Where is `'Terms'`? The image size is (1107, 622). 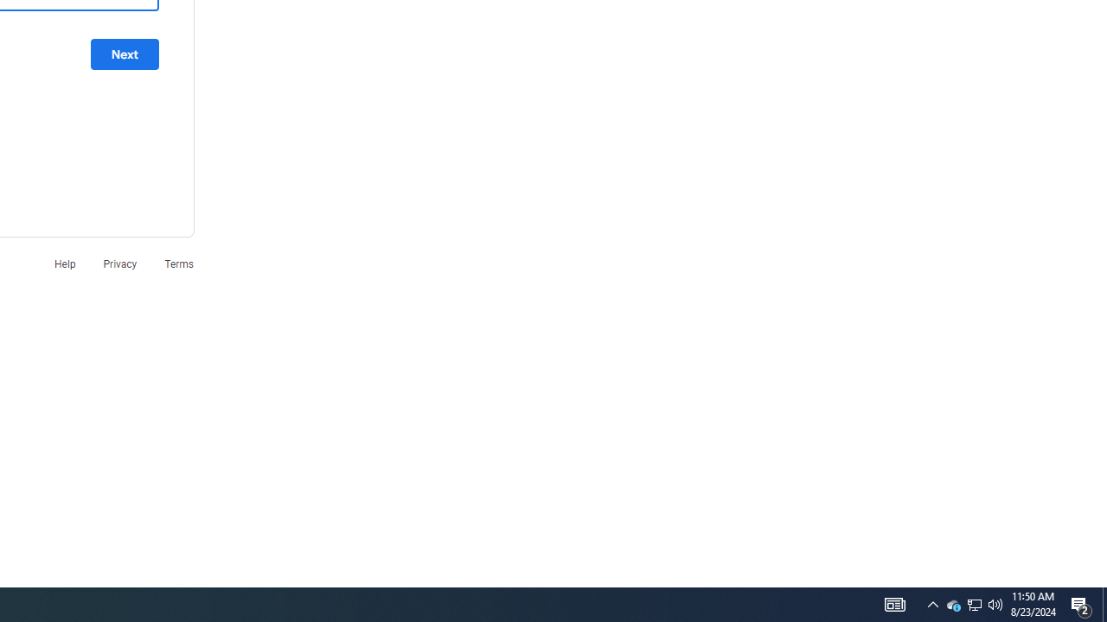
'Terms' is located at coordinates (179, 263).